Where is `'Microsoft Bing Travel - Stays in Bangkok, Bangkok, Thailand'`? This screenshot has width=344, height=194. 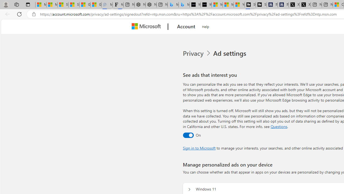
'Microsoft Bing Travel - Stays in Bangkok, Bangkok, Thailand' is located at coordinates (173, 5).